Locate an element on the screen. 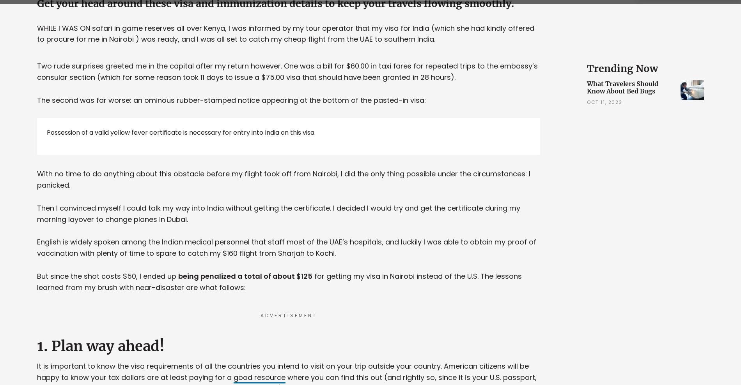  'Then I convinced myself I could talk my way into India without getting the certificate. I decided I would try and get the certificate during my morning layover to change planes in Dubai.' is located at coordinates (278, 213).